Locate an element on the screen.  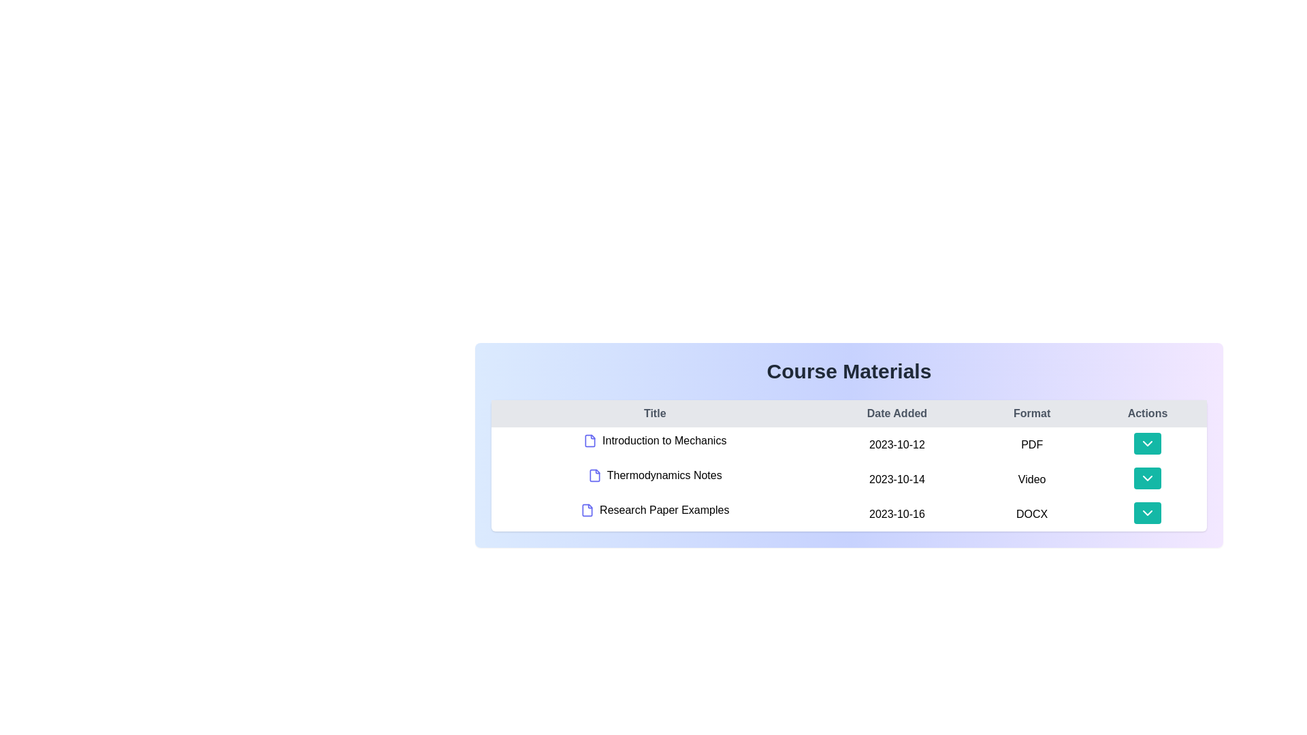
text from the Label indicating the file format in the 'Format' column of the table under the 'Research Paper Examples' row is located at coordinates (1032, 514).